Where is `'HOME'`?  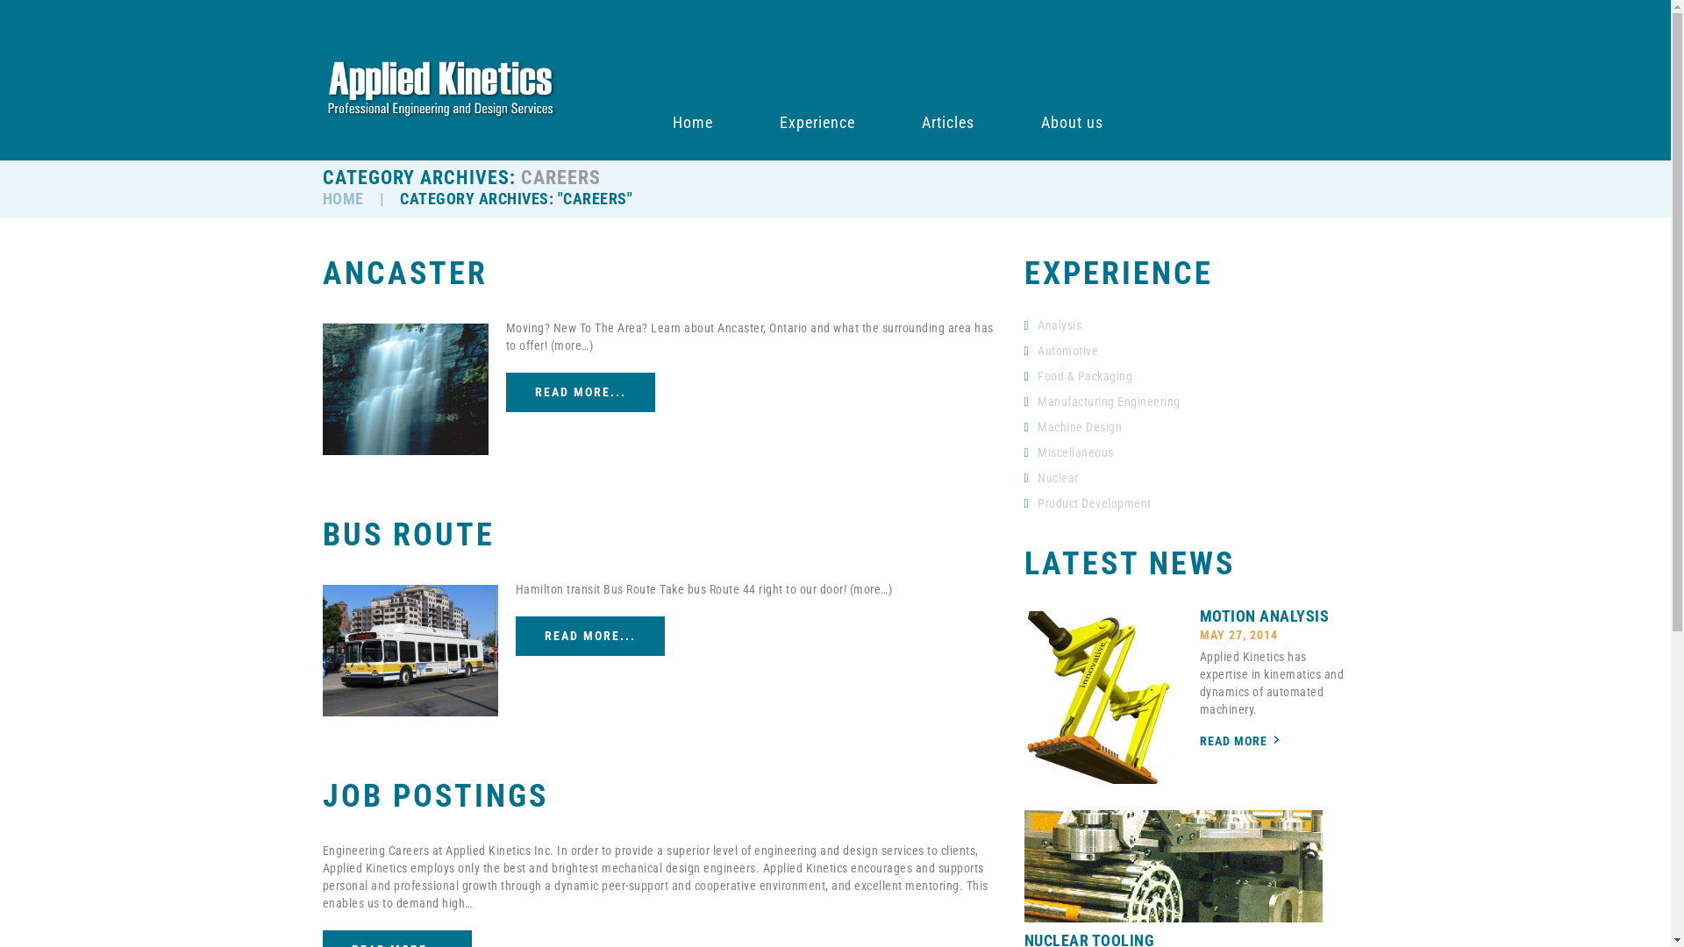 'HOME' is located at coordinates (343, 197).